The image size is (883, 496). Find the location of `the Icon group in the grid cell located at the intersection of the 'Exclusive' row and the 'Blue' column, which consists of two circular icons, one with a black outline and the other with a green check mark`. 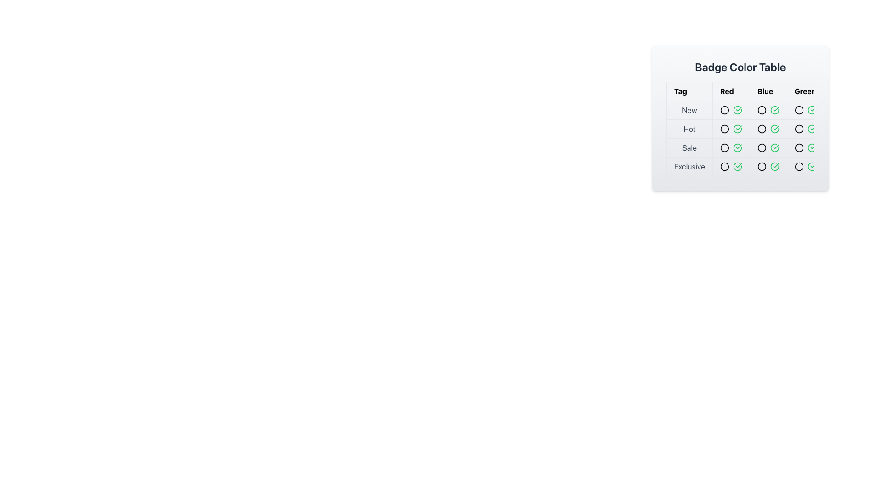

the Icon group in the grid cell located at the intersection of the 'Exclusive' row and the 'Blue' column, which consists of two circular icons, one with a black outline and the other with a green check mark is located at coordinates (768, 166).